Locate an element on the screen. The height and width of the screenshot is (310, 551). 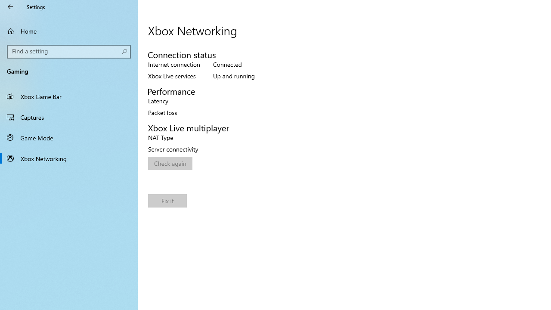
'Captures' is located at coordinates (69, 117).